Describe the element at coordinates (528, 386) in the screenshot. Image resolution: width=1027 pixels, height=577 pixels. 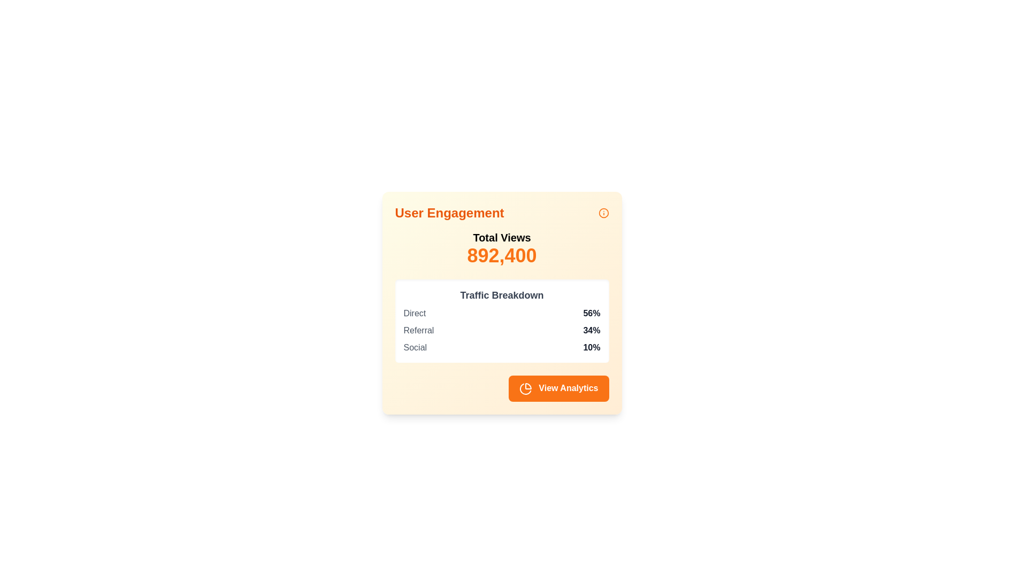
I see `the first segment of the pie chart icon, which is part of the bottom-right orange button labeled 'View Analytics'` at that location.